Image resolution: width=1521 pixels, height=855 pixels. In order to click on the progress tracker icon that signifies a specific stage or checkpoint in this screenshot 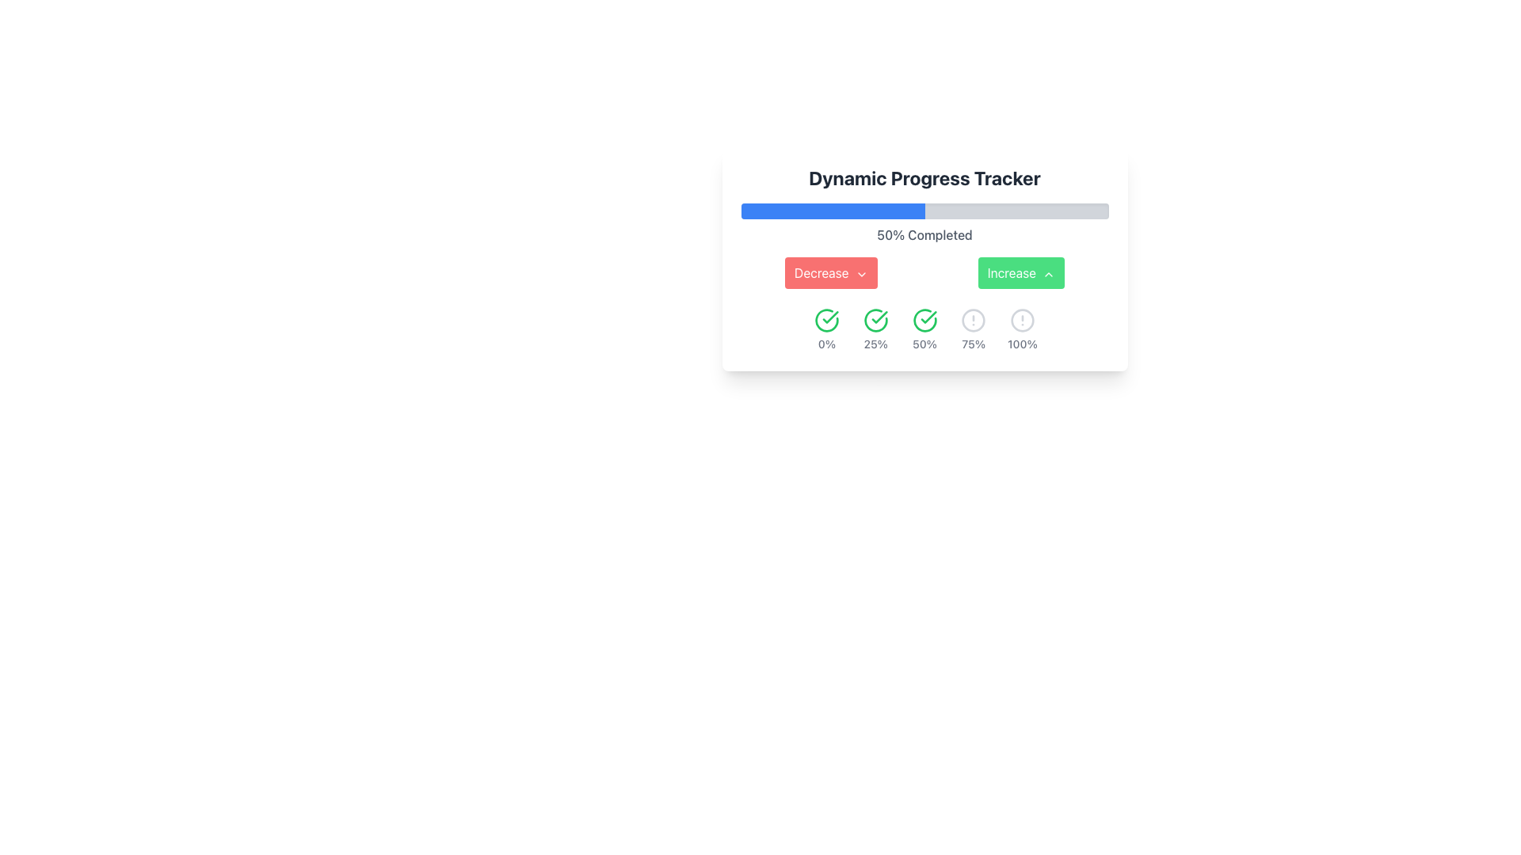, I will do `click(928, 317)`.